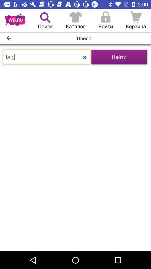  What do you see at coordinates (45, 20) in the screenshot?
I see `the search icon` at bounding box center [45, 20].